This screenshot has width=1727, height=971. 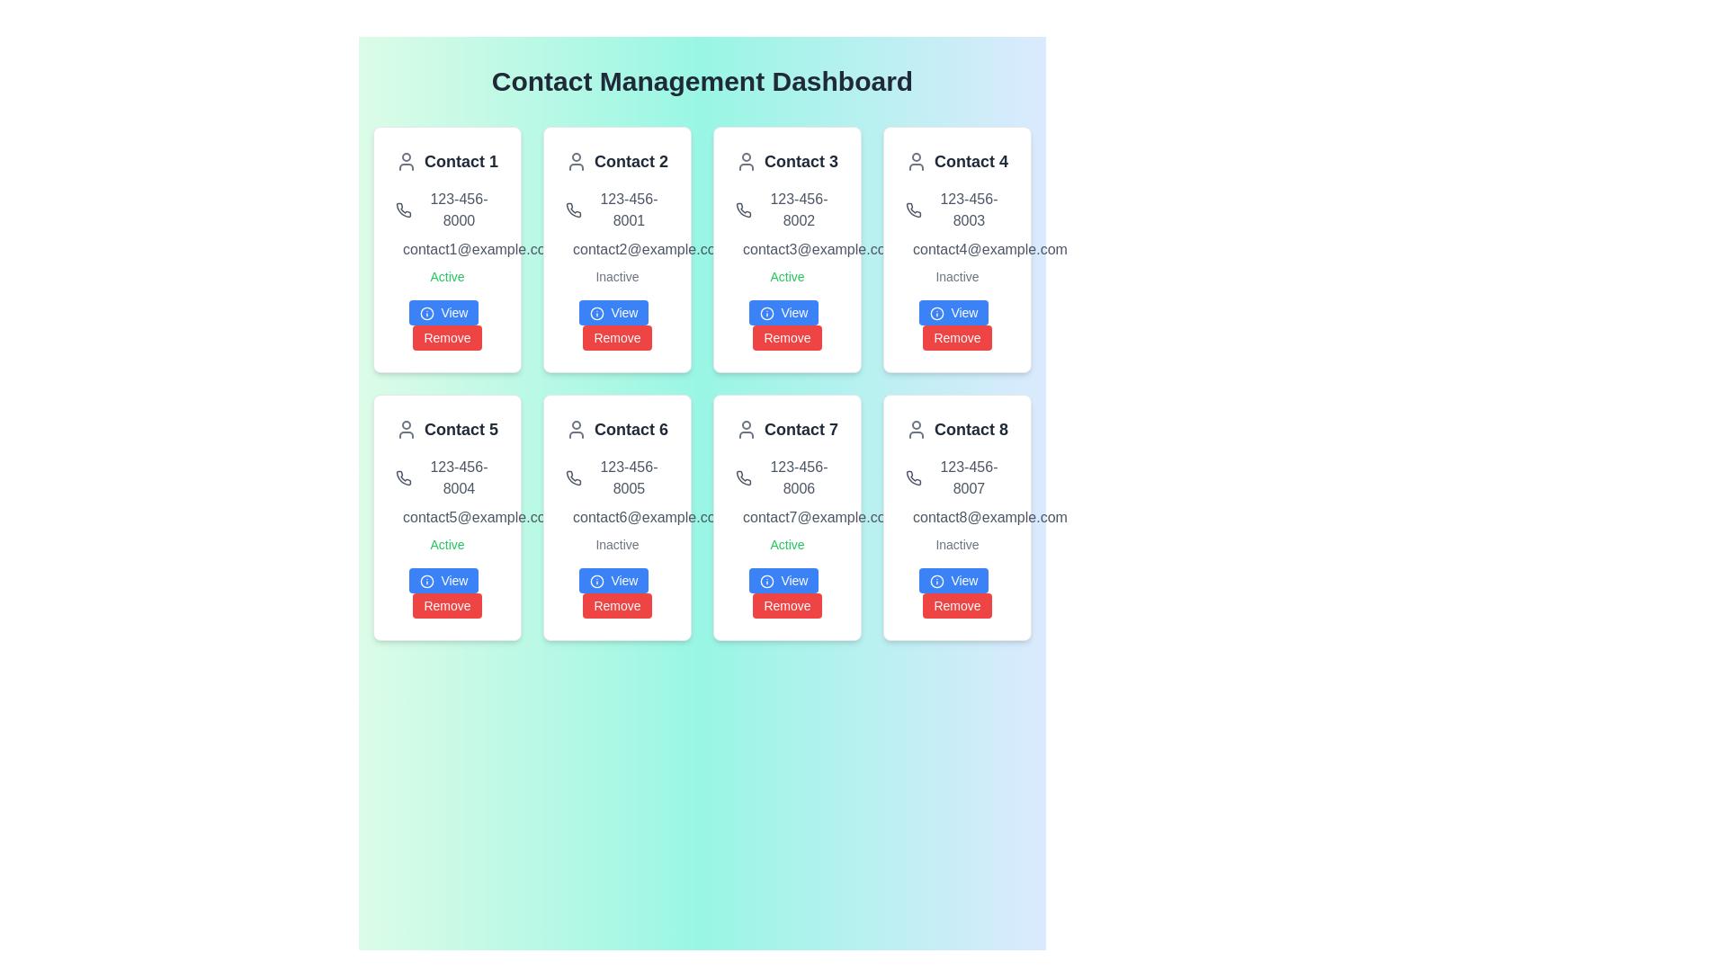 I want to click on phone number displayed in the Text display element located beneath the contact name in the 'Contact 7' card of the Contact Management Dashboard, so click(x=787, y=477).